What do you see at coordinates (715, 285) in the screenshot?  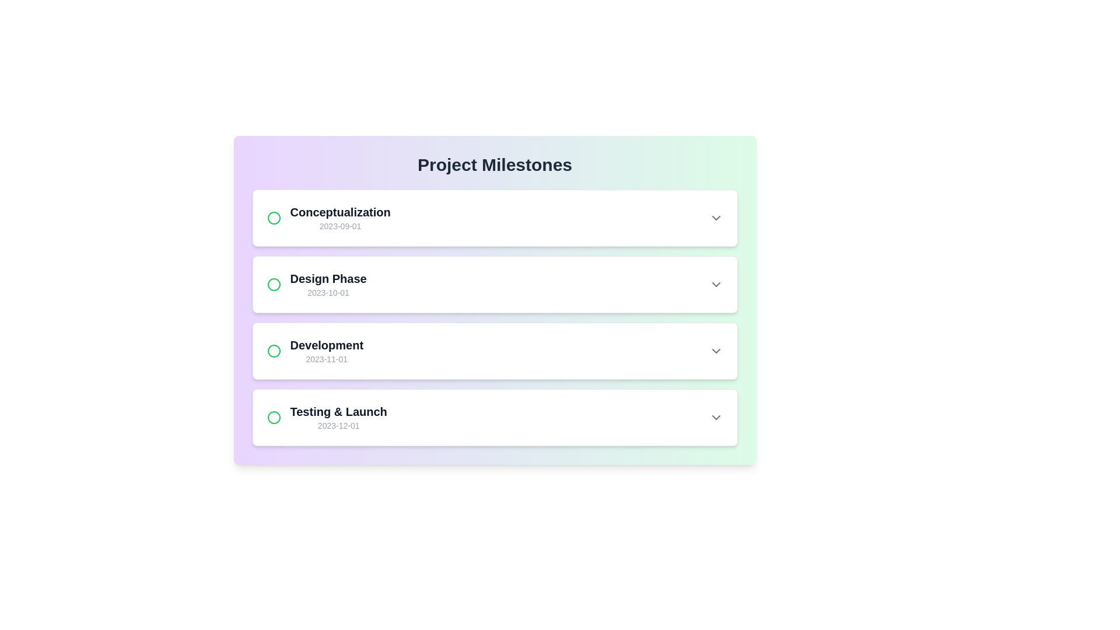 I see `the gray SVG icon shaped like a downward chevron located on the far-right side of the 'Design Phase' milestone box` at bounding box center [715, 285].